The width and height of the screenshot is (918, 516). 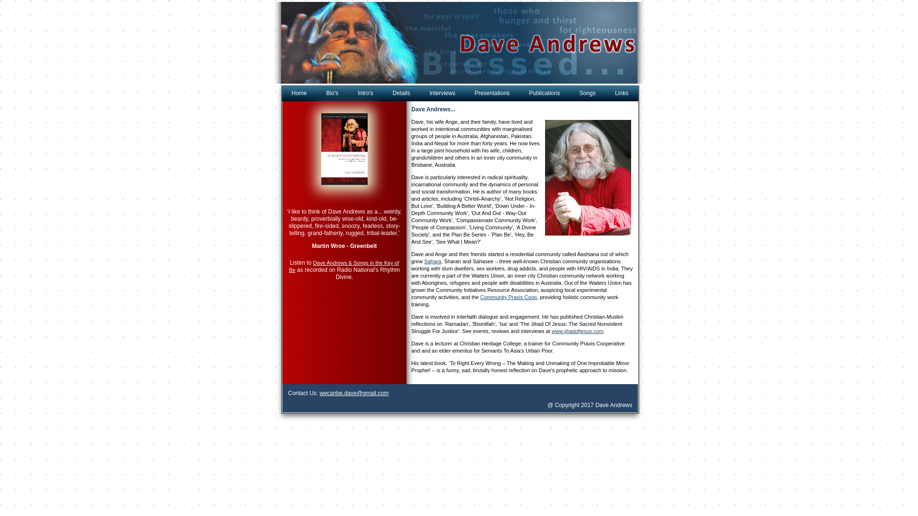 What do you see at coordinates (492, 93) in the screenshot?
I see `'Presentations'` at bounding box center [492, 93].